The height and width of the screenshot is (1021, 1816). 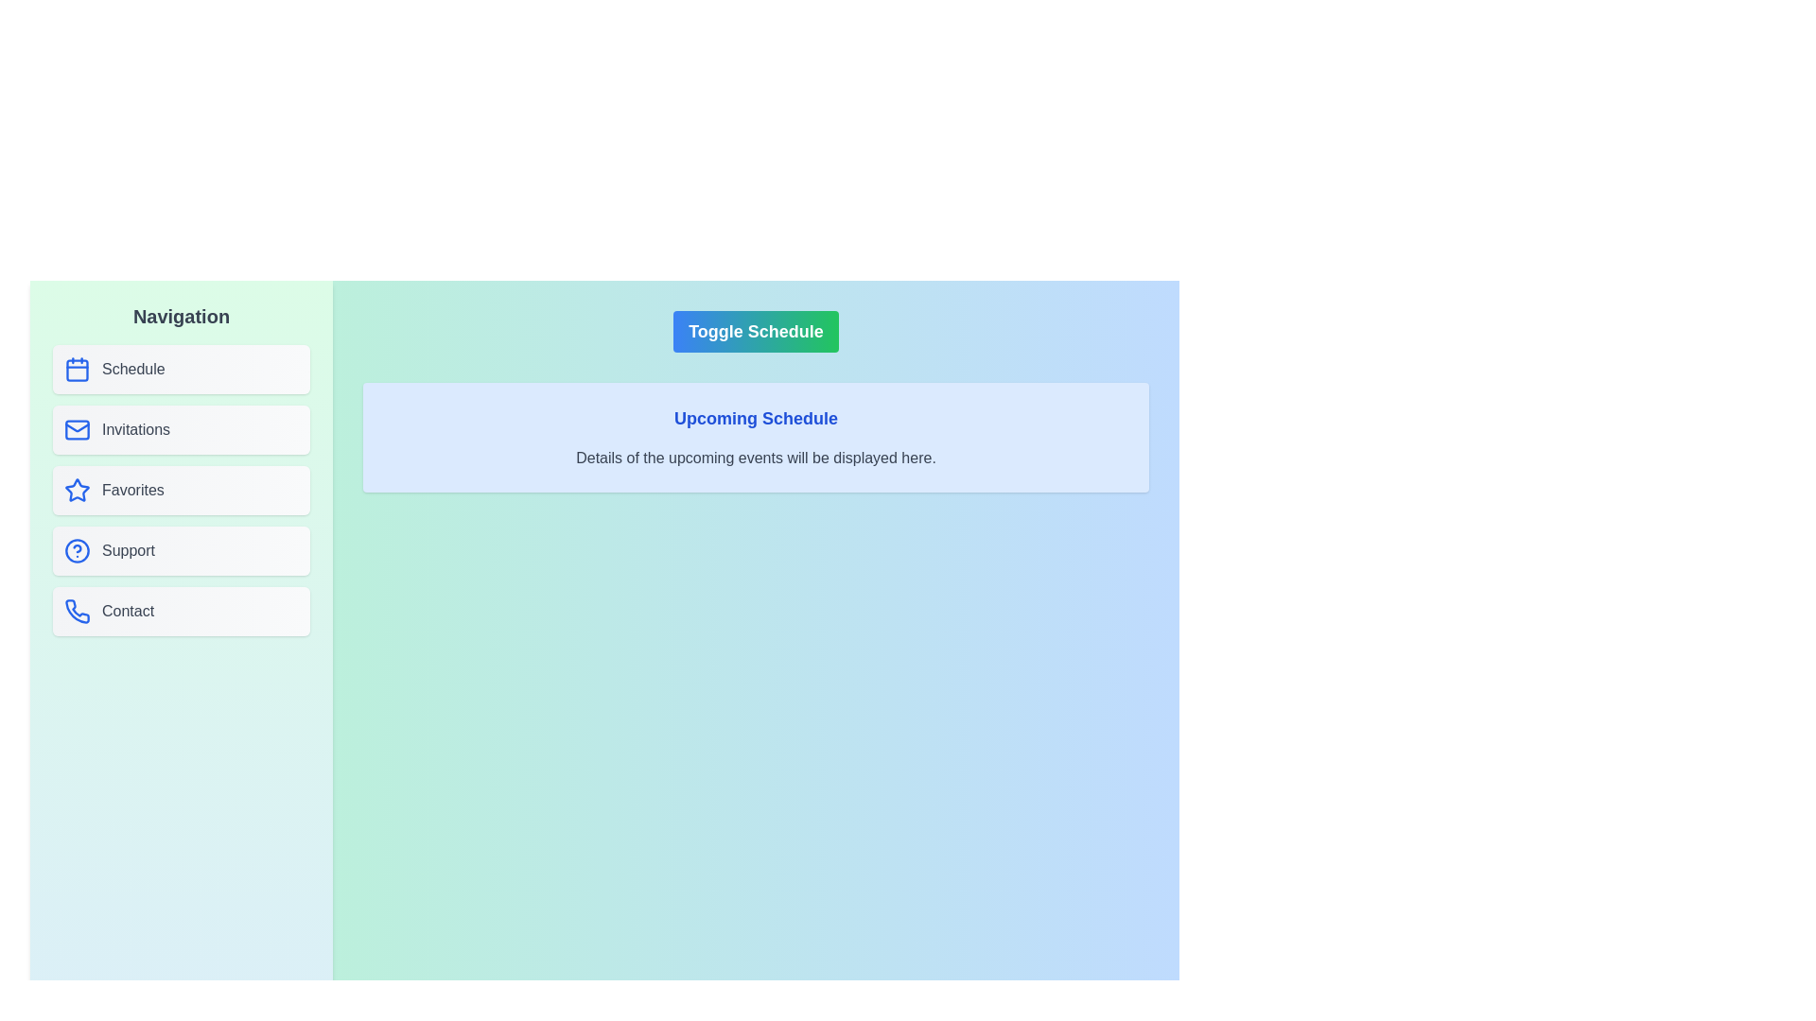 I want to click on the Schedule button in the sidebar to navigate to the corresponding section, so click(x=182, y=369).